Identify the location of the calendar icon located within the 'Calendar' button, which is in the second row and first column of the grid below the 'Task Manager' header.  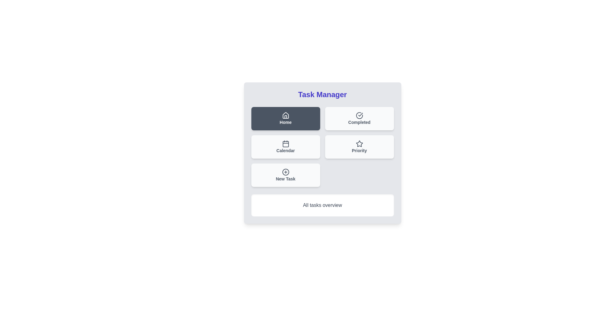
(285, 144).